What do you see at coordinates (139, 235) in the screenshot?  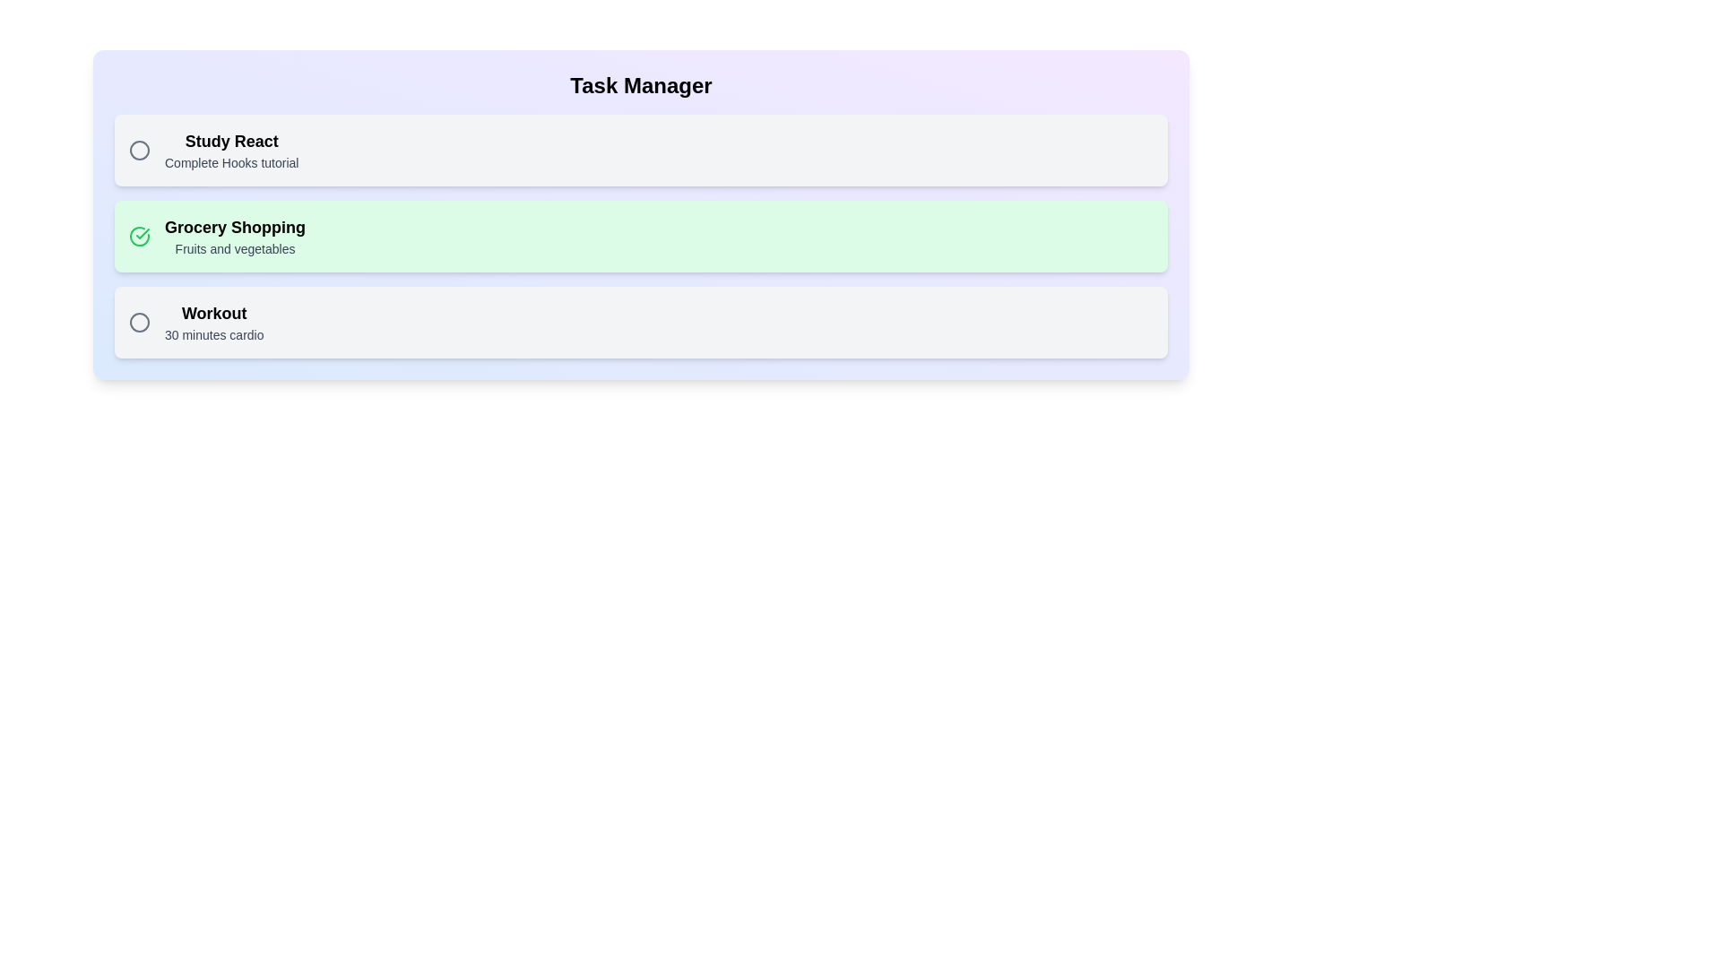 I see `the Icon Button indicating task completion in the 'Task Manager', located at the left edge of the 'Grocery Shopping' section` at bounding box center [139, 235].